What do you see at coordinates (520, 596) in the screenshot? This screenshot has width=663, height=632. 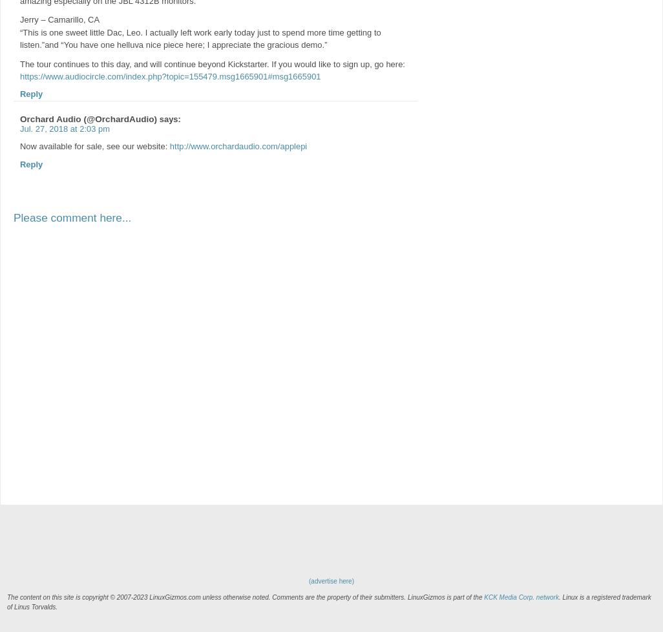 I see `'KCK Media Corp. network'` at bounding box center [520, 596].